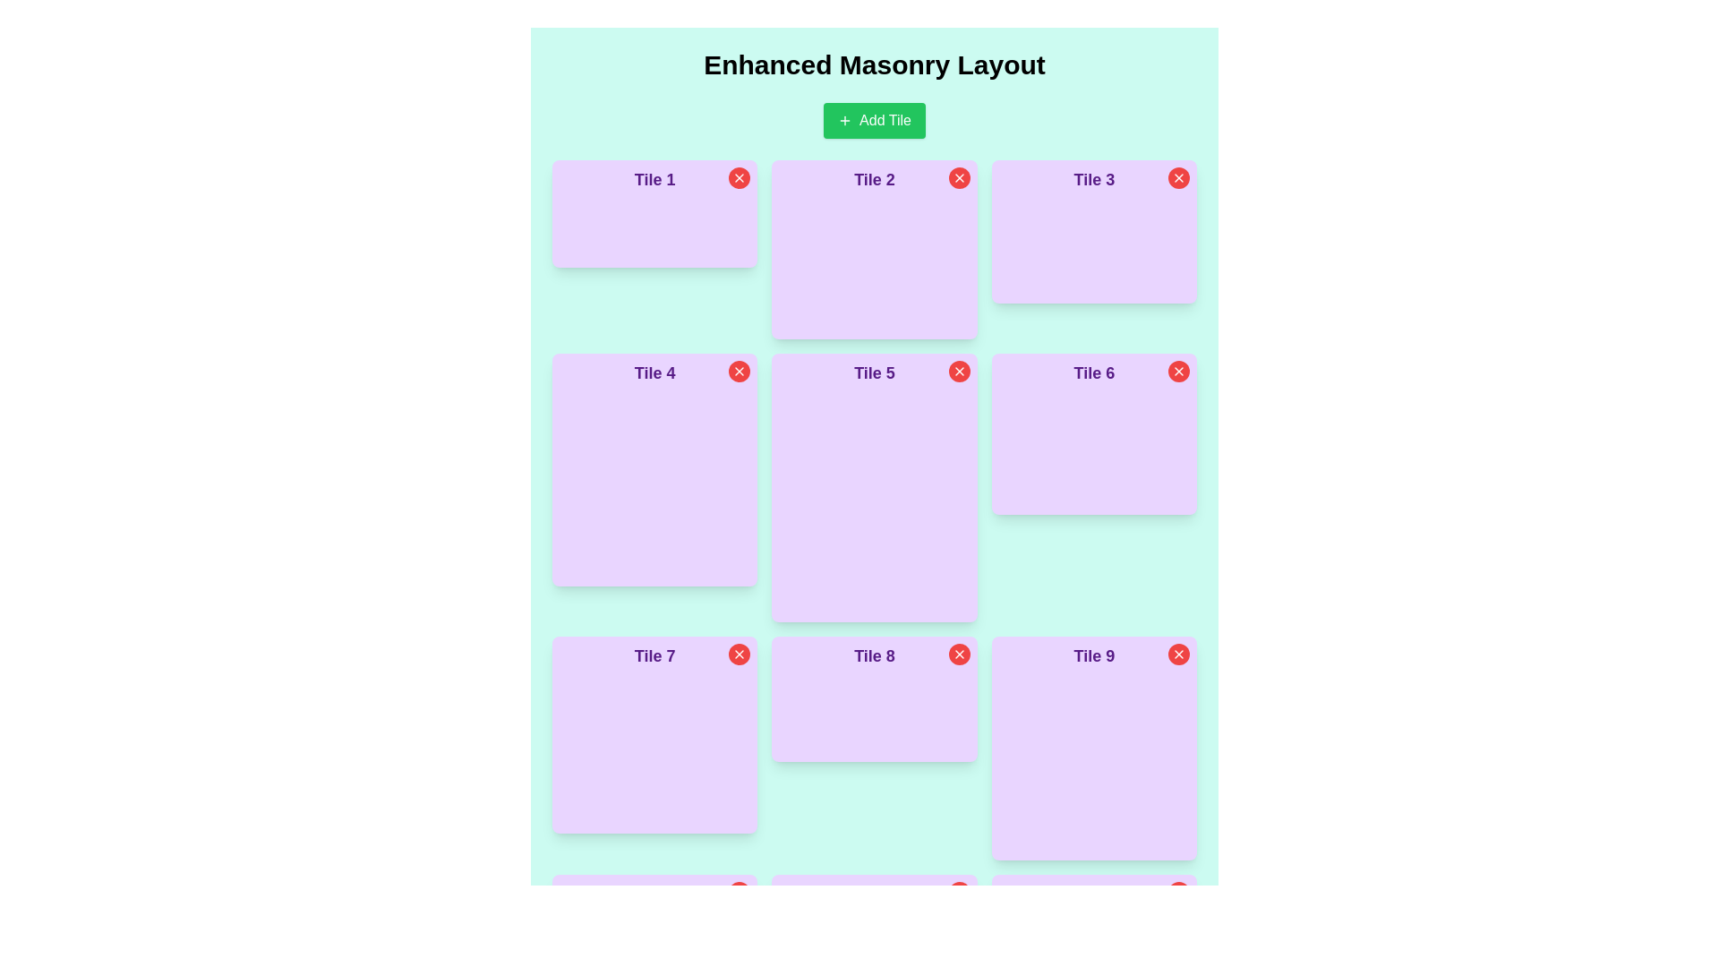 This screenshot has width=1719, height=967. I want to click on the button in the top-right corner of 'Tile 1', so click(740, 178).